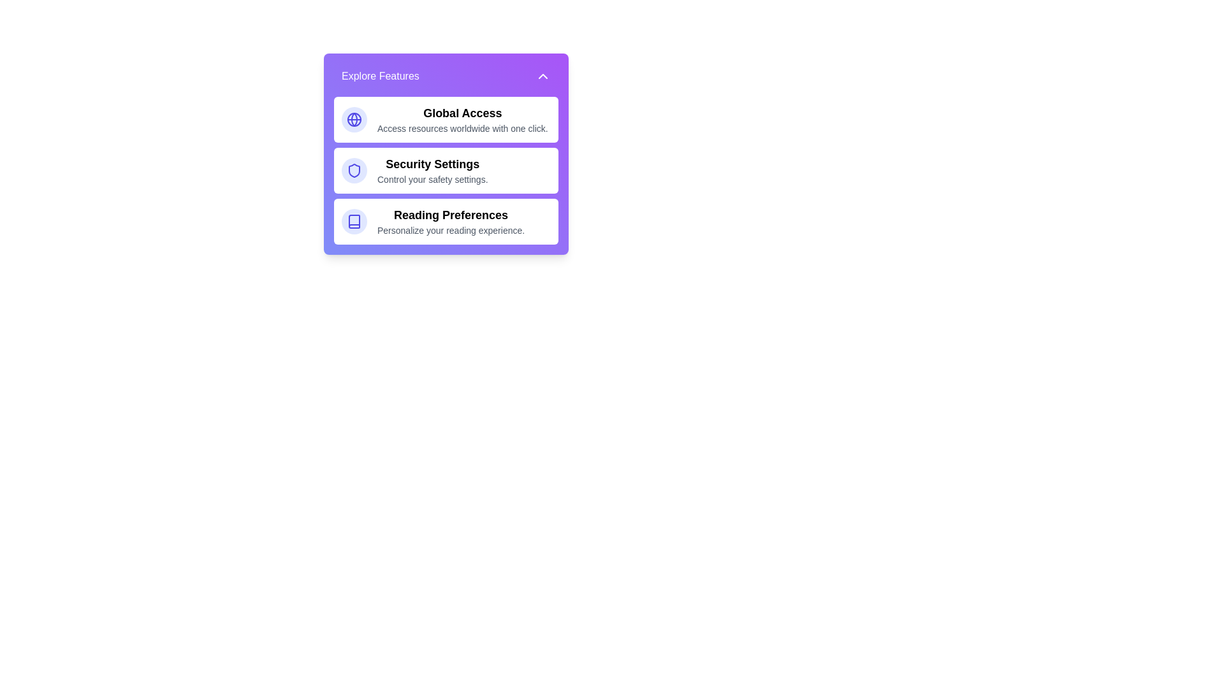  Describe the element at coordinates (354, 169) in the screenshot. I see `the shield-like icon representing security, located in the 'Security Settings' section of the 'Explore Features' menu` at that location.